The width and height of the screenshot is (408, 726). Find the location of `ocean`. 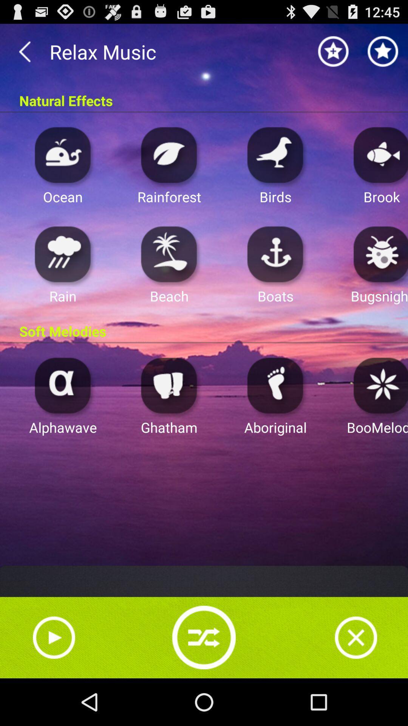

ocean is located at coordinates (62, 154).